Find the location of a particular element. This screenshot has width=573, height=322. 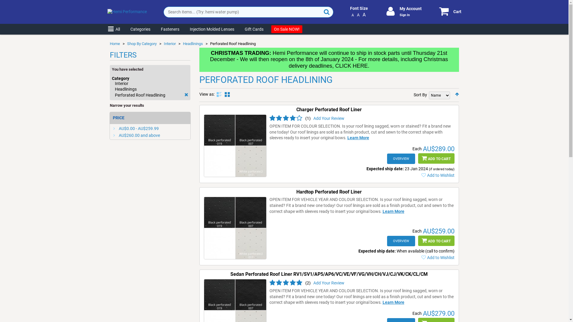

'ADD TO CART' is located at coordinates (436, 158).